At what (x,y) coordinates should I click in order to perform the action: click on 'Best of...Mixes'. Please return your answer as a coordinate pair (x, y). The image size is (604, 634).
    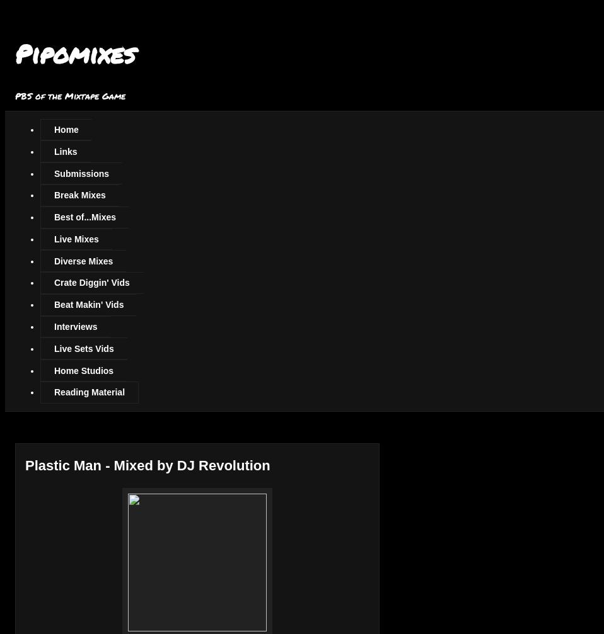
    Looking at the image, I should click on (84, 217).